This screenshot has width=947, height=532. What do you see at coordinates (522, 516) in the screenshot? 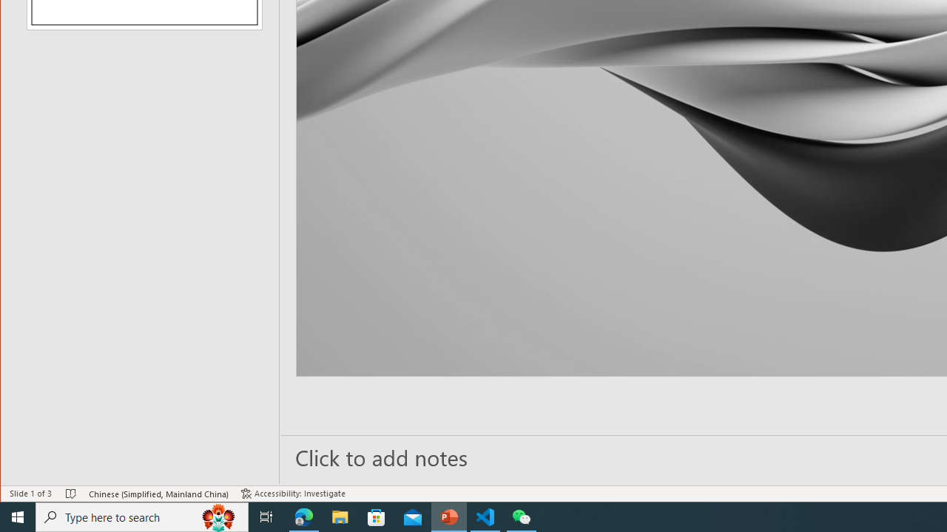
I see `'WeChat - 1 running window'` at bounding box center [522, 516].